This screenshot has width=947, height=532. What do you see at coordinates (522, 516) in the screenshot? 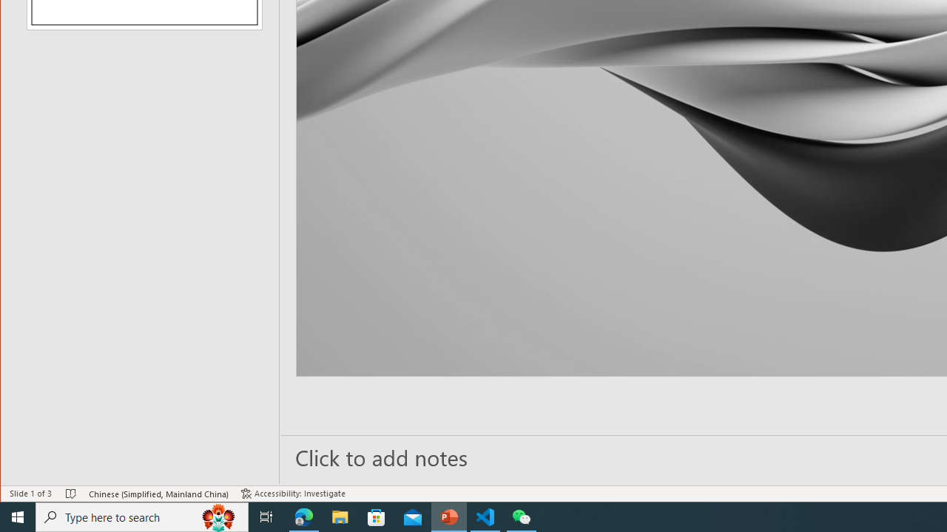
I see `'WeChat - 1 running window'` at bounding box center [522, 516].